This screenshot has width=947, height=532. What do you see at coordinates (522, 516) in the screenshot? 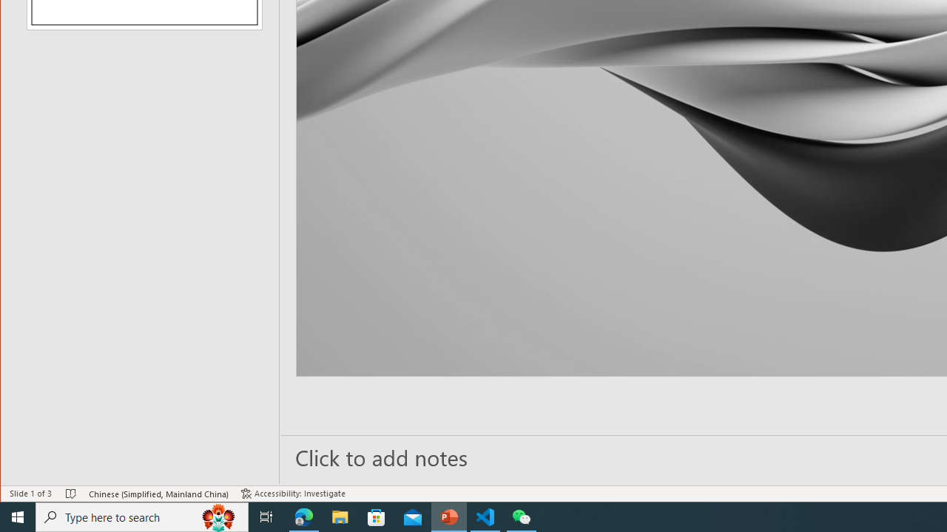
I see `'WeChat - 1 running window'` at bounding box center [522, 516].